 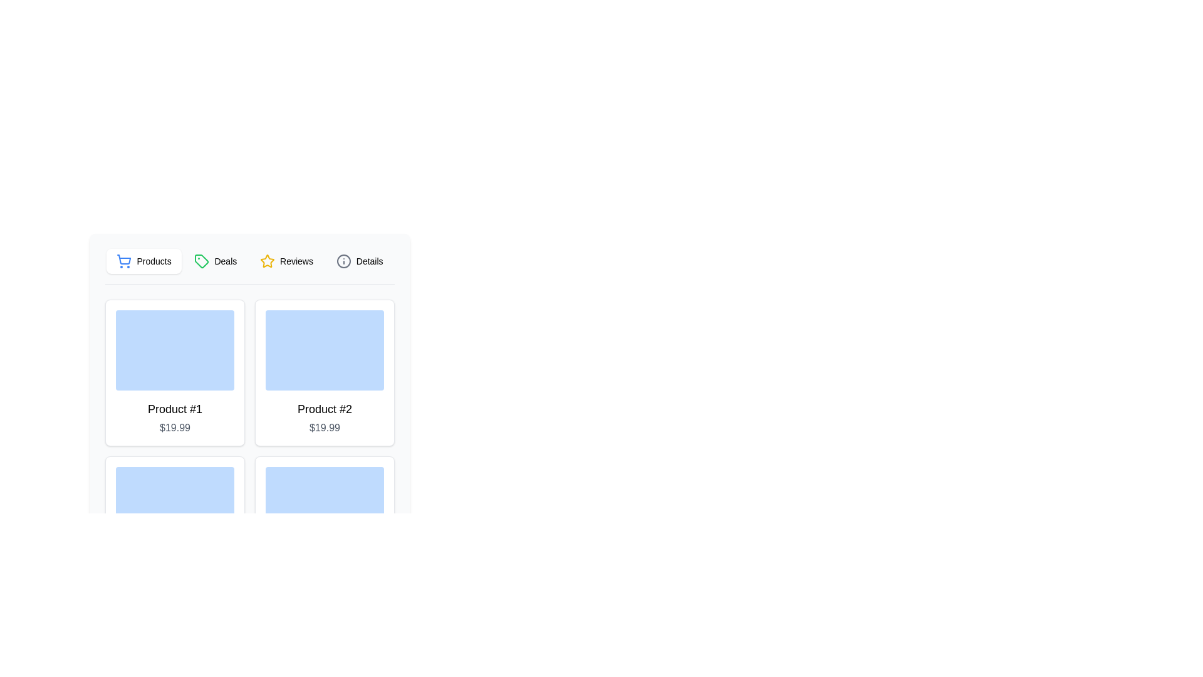 What do you see at coordinates (343, 260) in the screenshot?
I see `the circular icon element located in the top-right corner of the navigation bar which is part of an SVG structure` at bounding box center [343, 260].